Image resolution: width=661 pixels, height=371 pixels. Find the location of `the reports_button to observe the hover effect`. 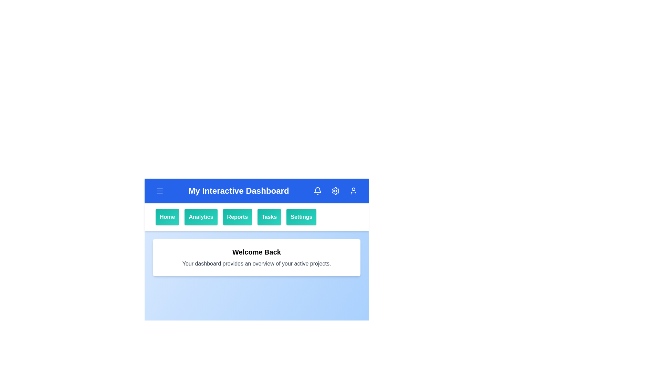

the reports_button to observe the hover effect is located at coordinates (237, 217).